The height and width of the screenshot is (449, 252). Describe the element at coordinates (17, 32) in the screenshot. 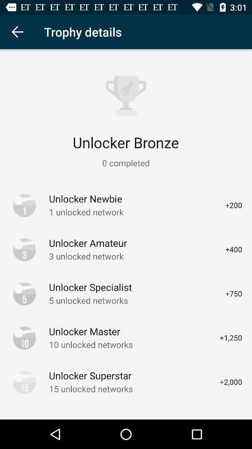

I see `go back` at that location.